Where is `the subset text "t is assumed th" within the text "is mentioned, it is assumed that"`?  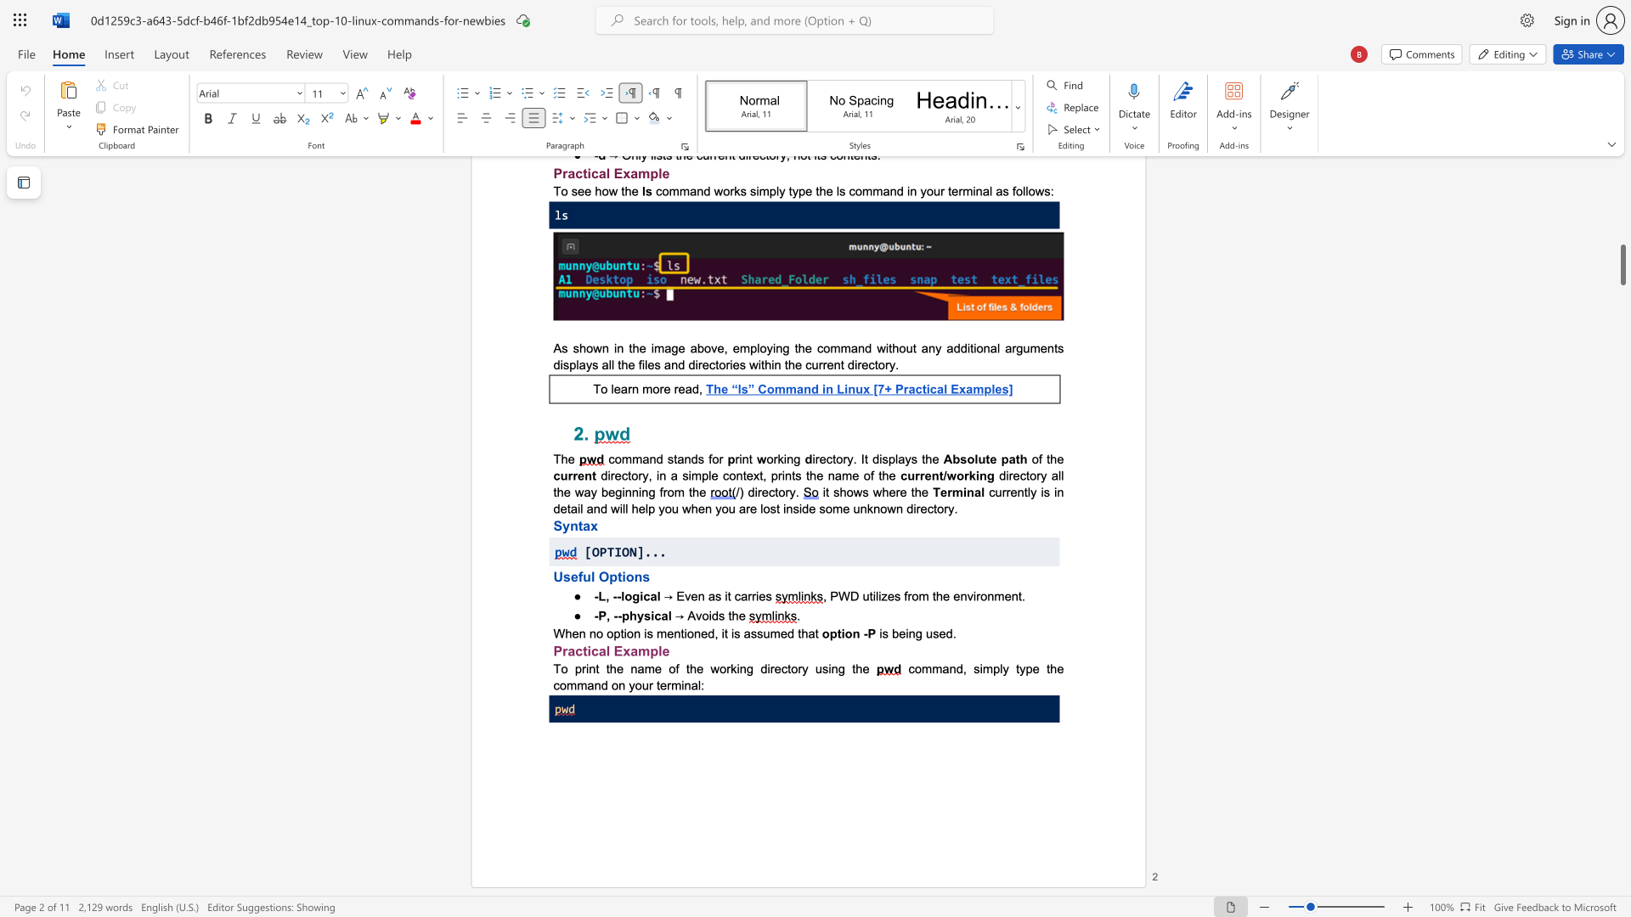 the subset text "t is assumed th" within the text "is mentioned, it is assumed that" is located at coordinates (724, 633).